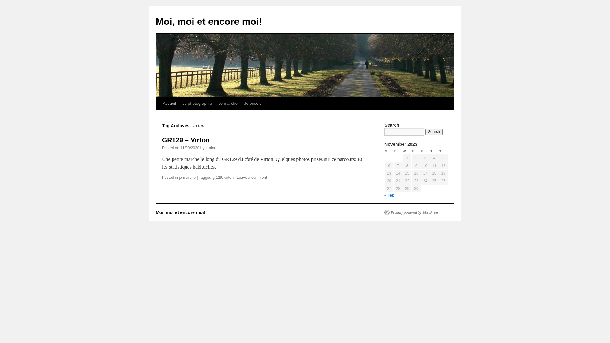  What do you see at coordinates (159, 115) in the screenshot?
I see `'Skip to content'` at bounding box center [159, 115].